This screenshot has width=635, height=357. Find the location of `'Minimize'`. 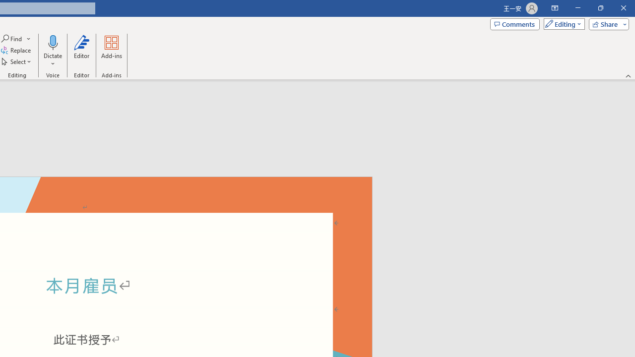

'Minimize' is located at coordinates (577, 8).